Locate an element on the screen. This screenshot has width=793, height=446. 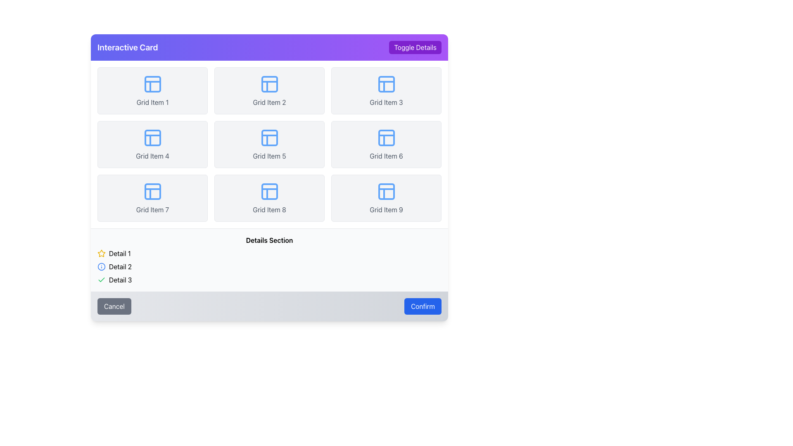
the icon located to the left of the 'Detail 2' text is located at coordinates (101, 266).